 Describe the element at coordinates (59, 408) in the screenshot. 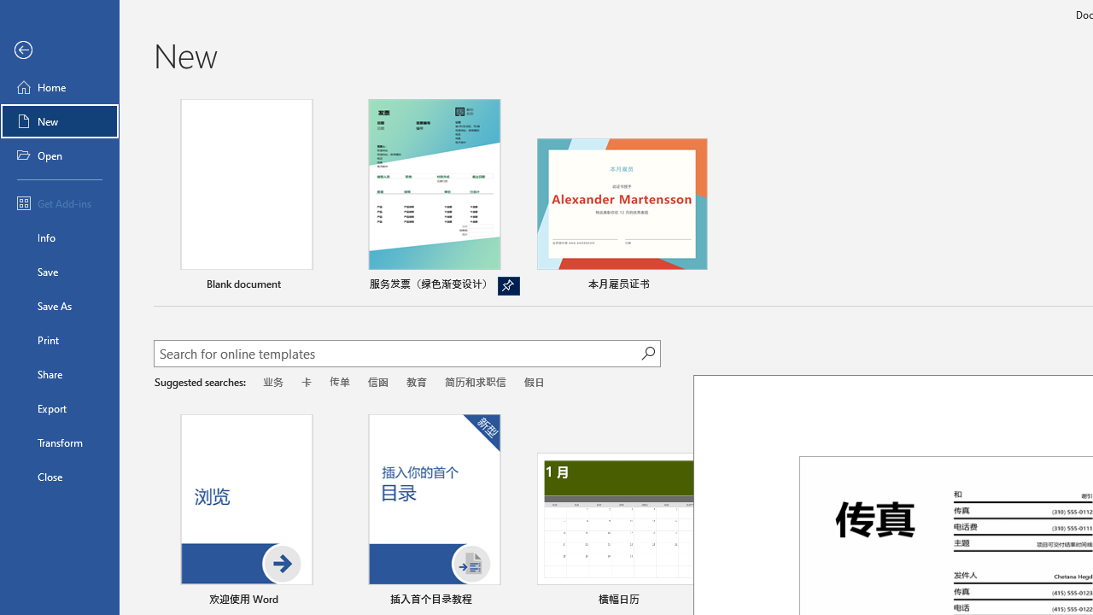

I see `'Export'` at that location.